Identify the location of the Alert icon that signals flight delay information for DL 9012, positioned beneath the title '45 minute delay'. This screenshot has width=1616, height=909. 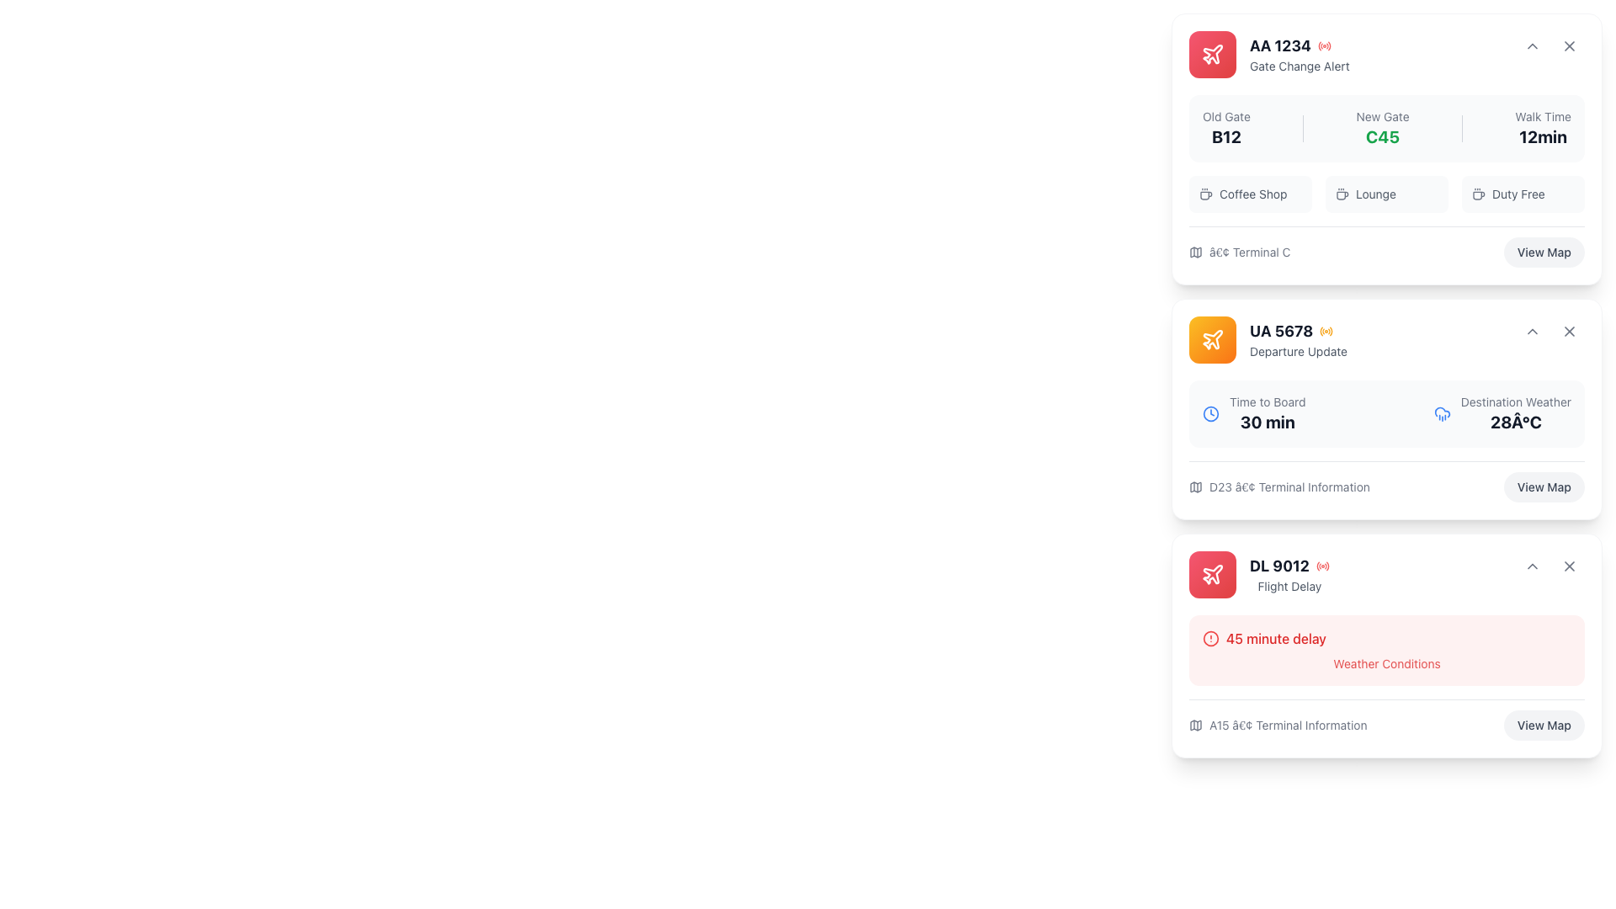
(1210, 639).